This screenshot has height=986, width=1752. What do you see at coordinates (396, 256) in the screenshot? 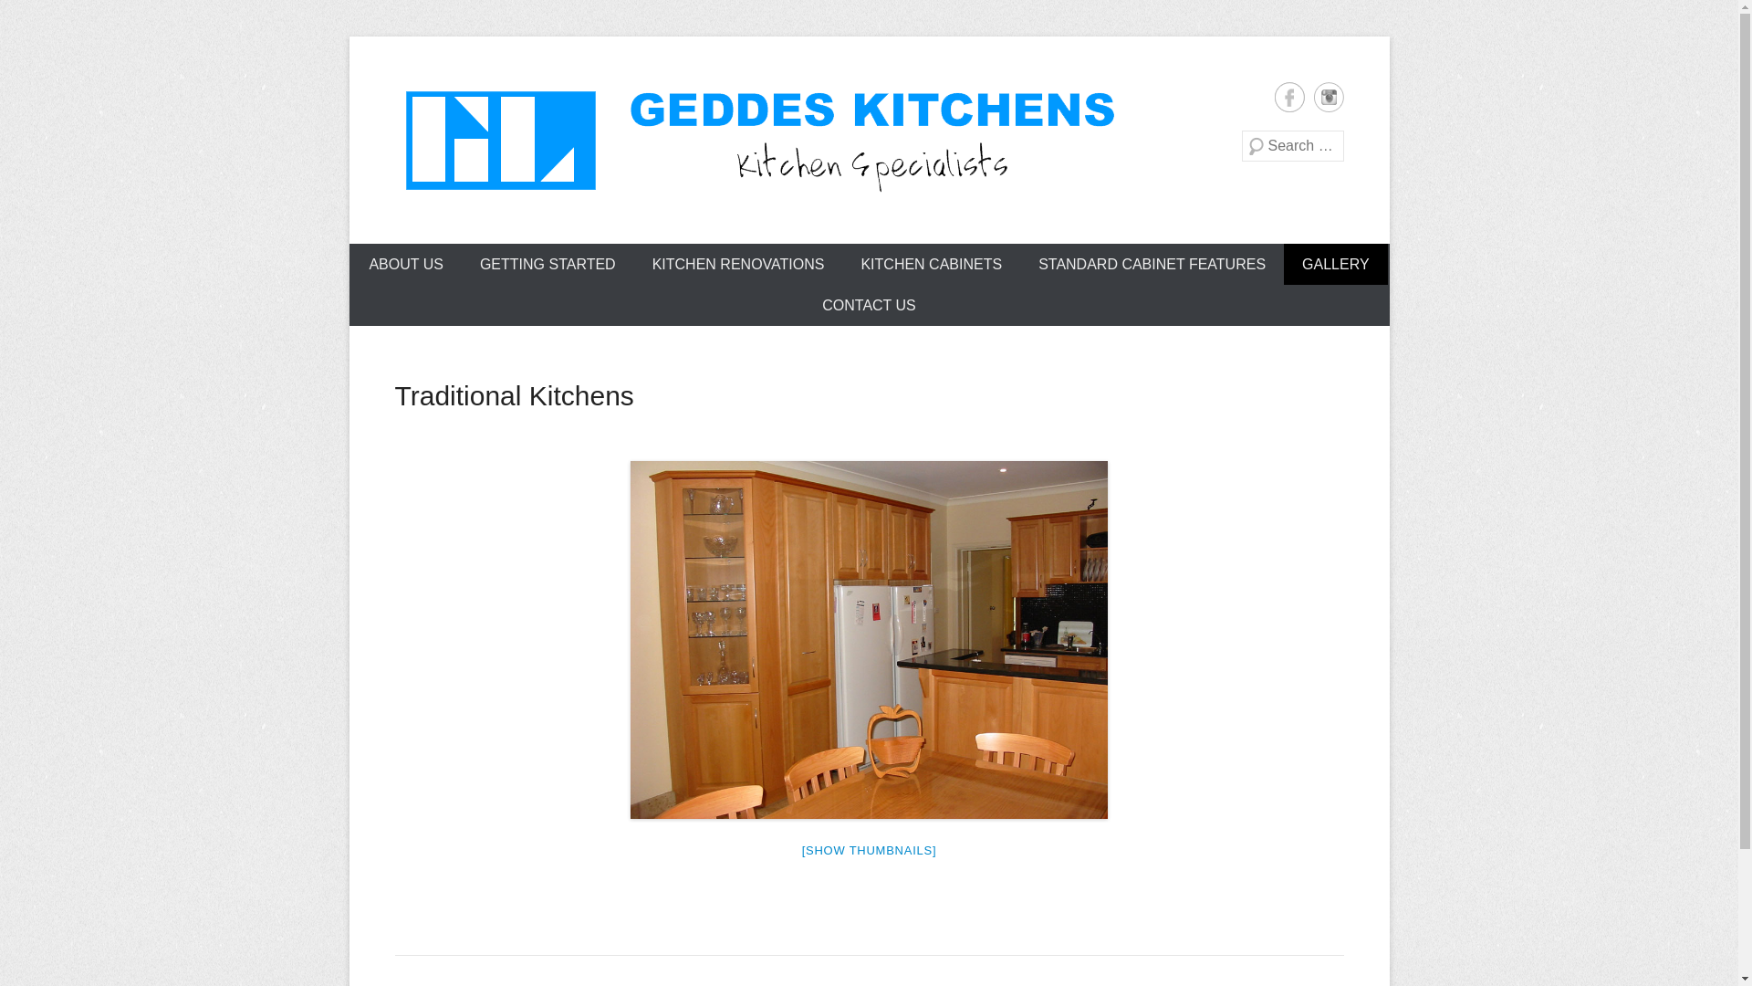
I see `'Skip to content'` at bounding box center [396, 256].